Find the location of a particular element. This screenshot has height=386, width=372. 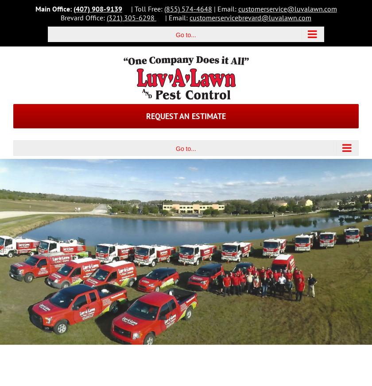

'Request an Estimate' is located at coordinates (146, 116).